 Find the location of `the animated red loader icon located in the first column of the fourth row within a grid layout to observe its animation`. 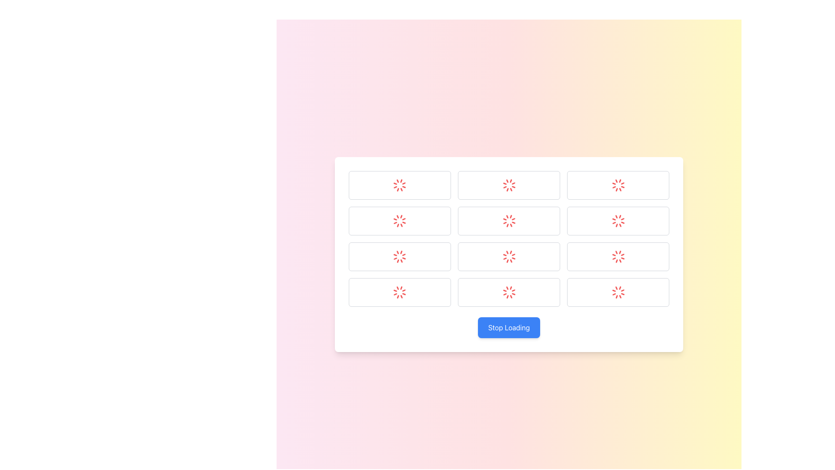

the animated red loader icon located in the first column of the fourth row within a grid layout to observe its animation is located at coordinates (399, 292).